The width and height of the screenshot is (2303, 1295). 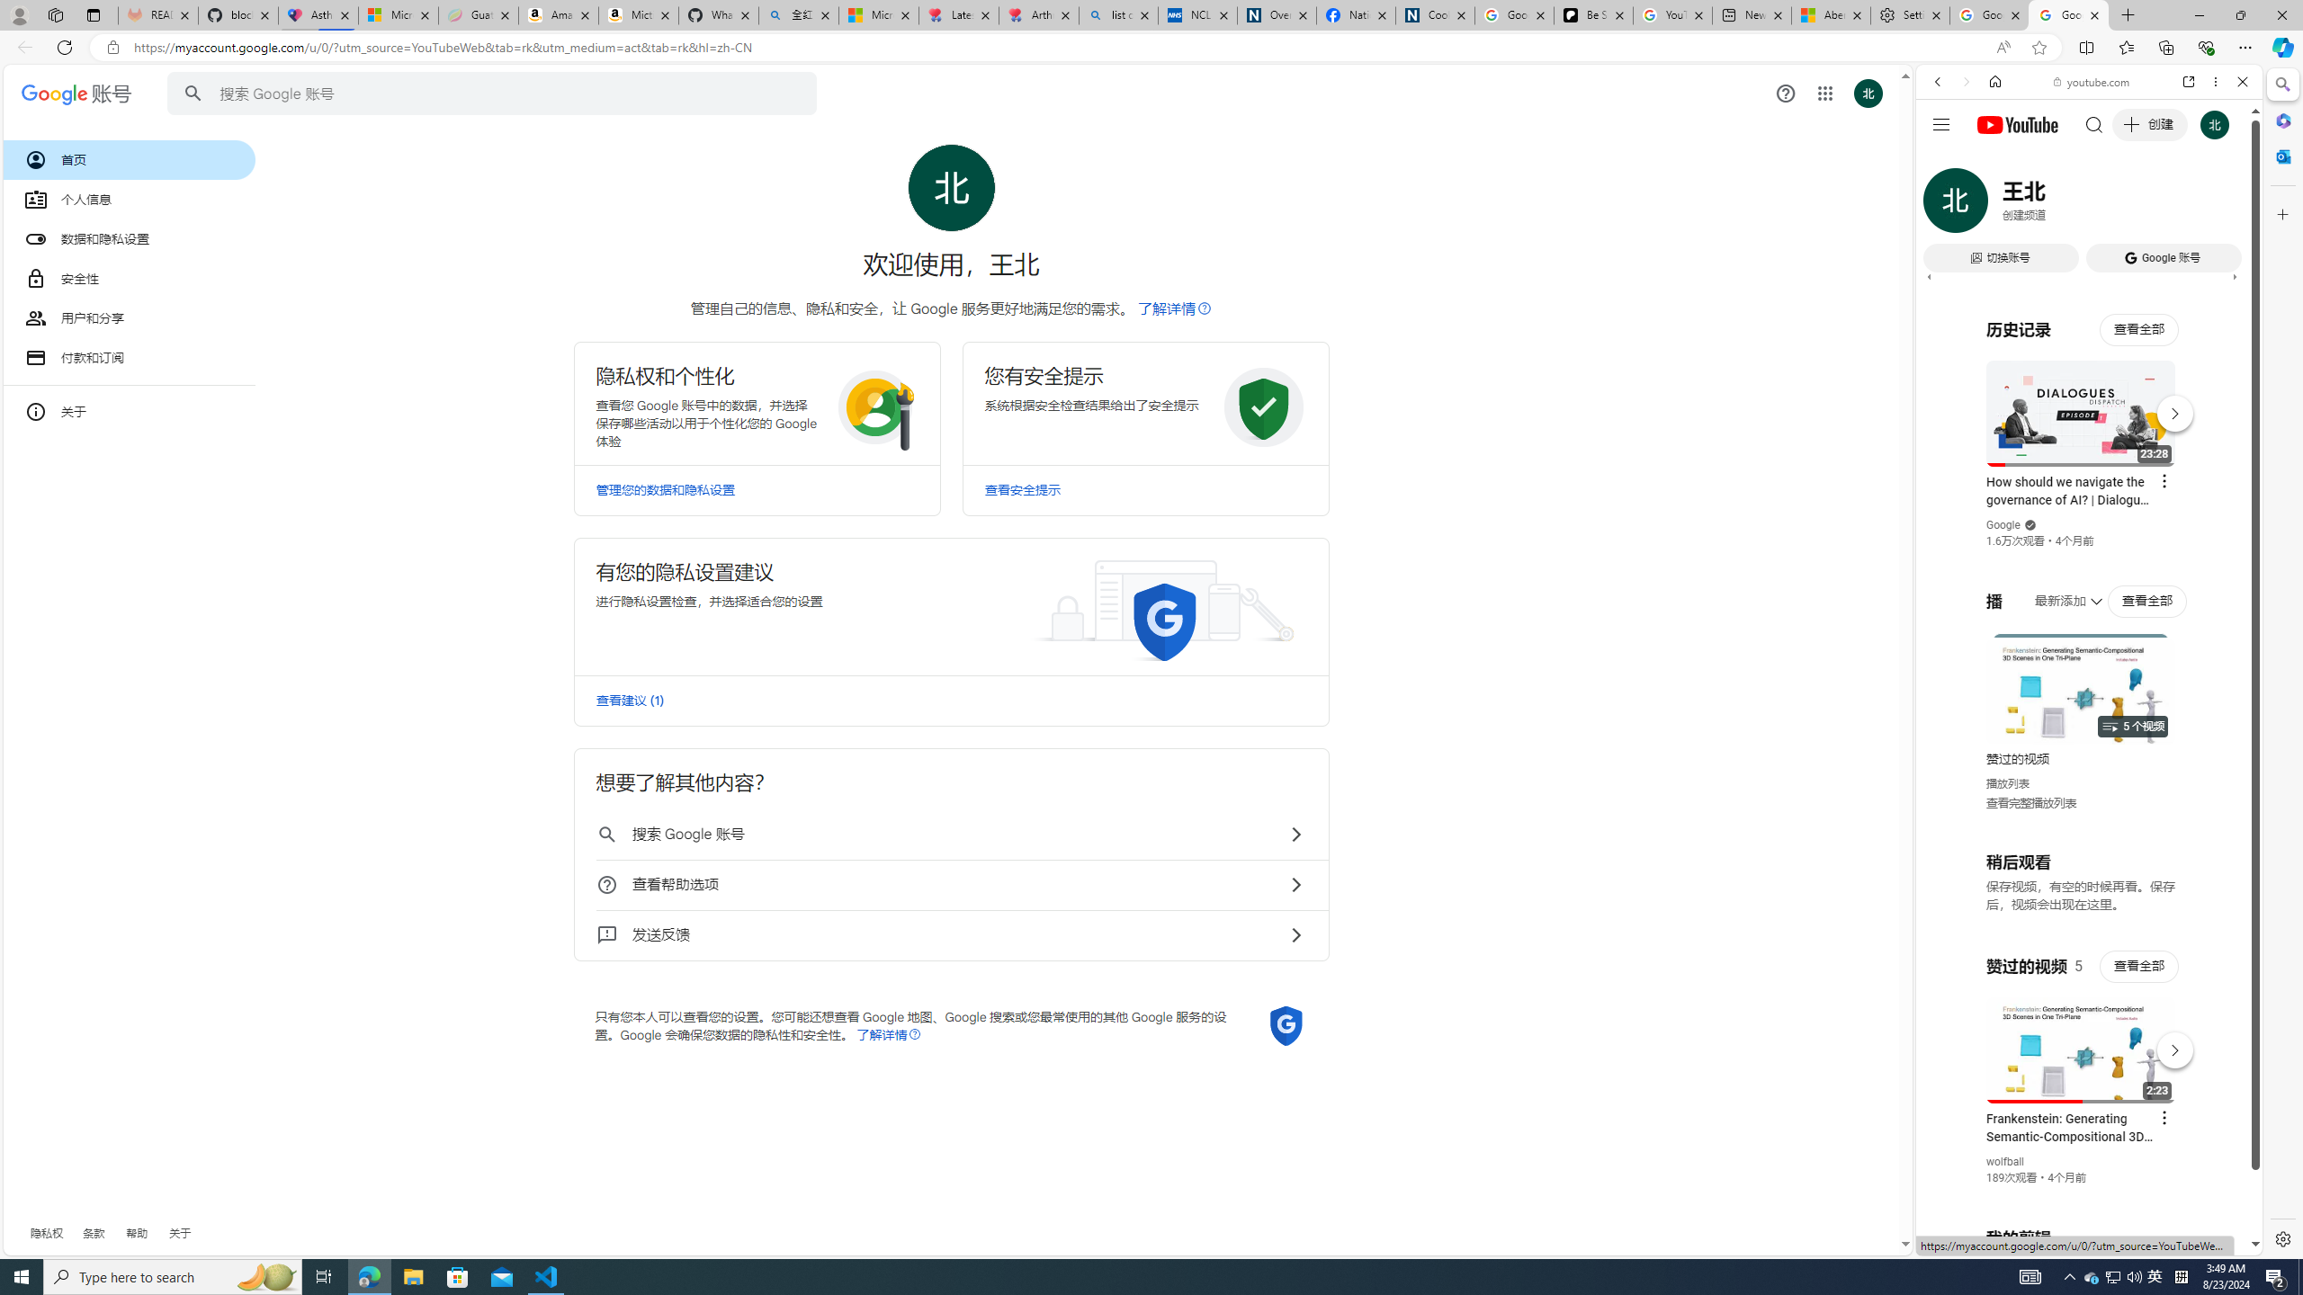 I want to click on 'YouTube - YouTube', so click(x=2082, y=886).